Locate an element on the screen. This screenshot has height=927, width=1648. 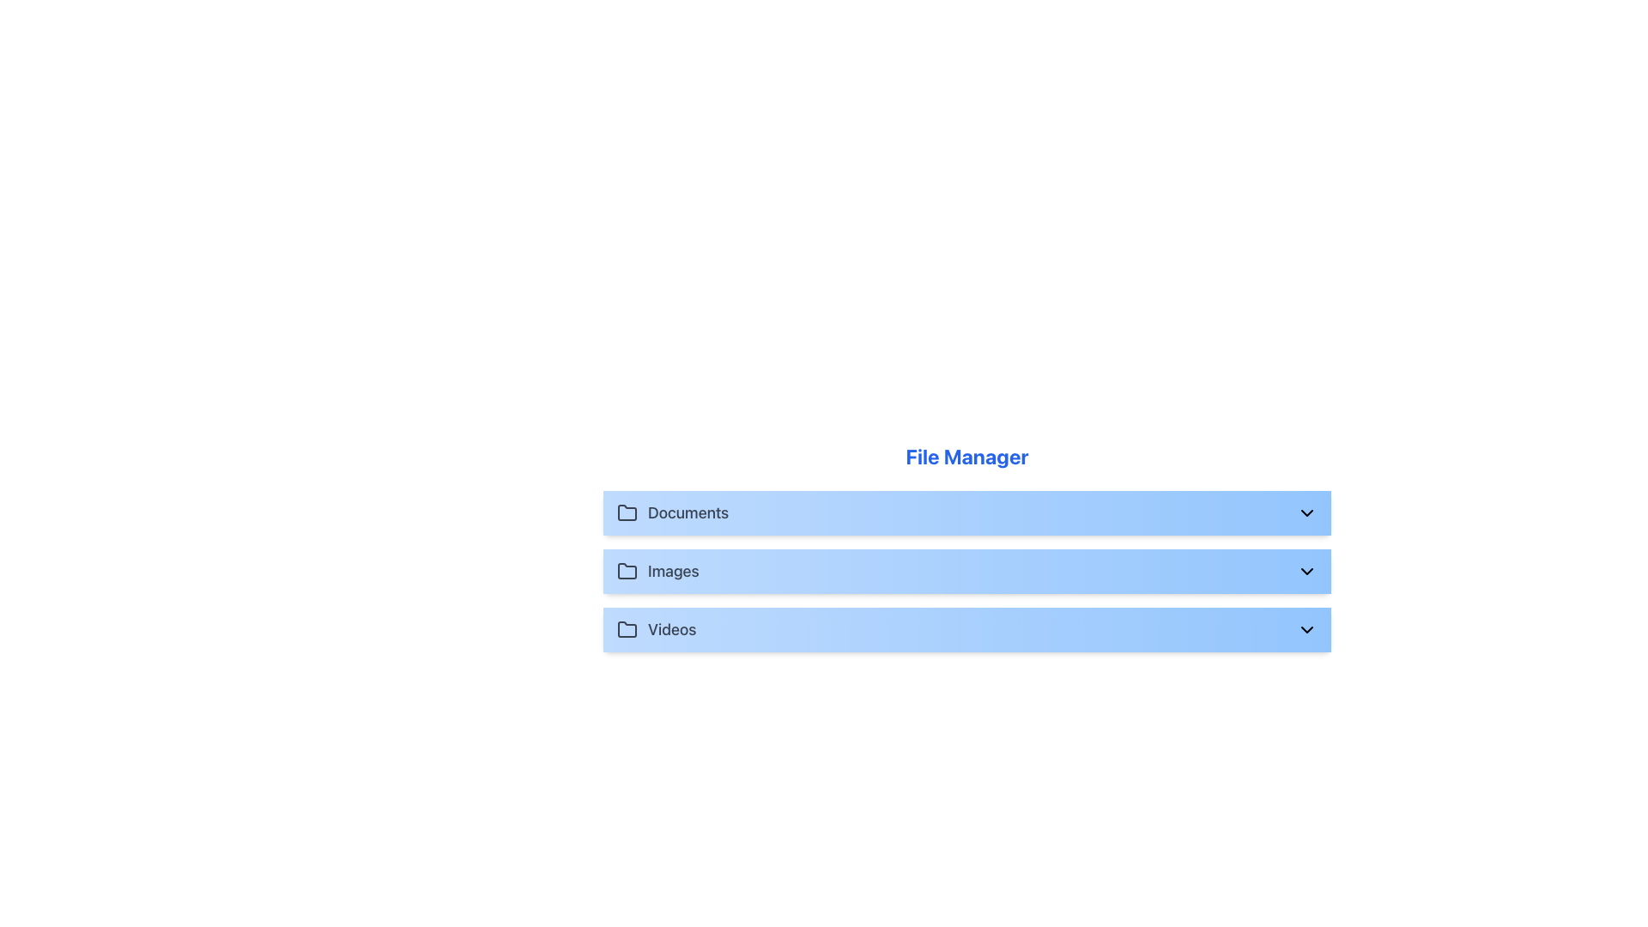
the Dropdown indicator icon located at the far right side of the 'Documents' section header is located at coordinates (1306, 512).